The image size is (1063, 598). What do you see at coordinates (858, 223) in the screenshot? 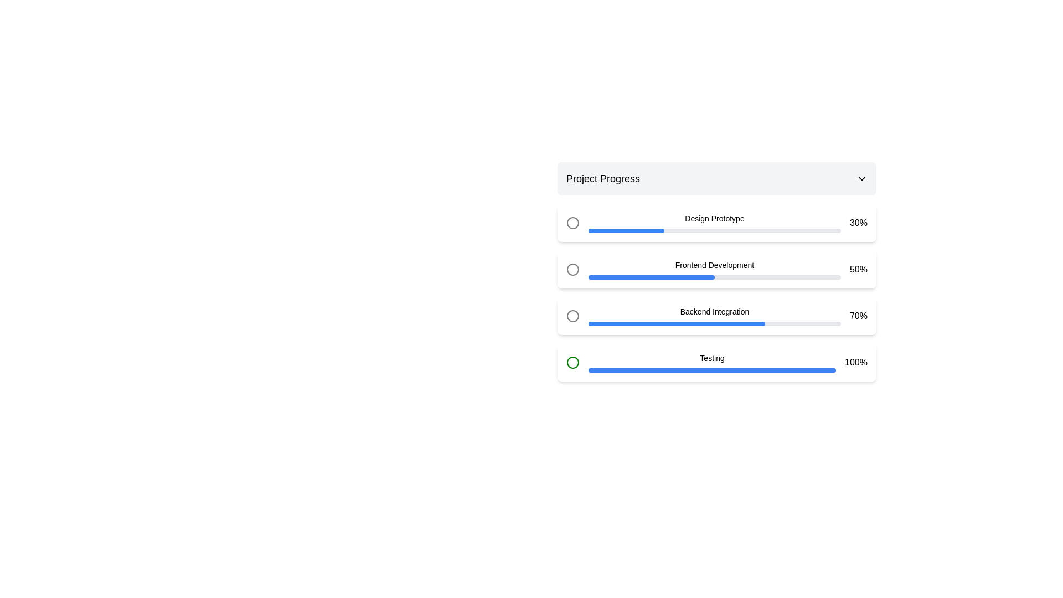
I see `text label displaying the percentage completion status for the 'Design Prototype' task, located at the top-right of the progress bar` at bounding box center [858, 223].